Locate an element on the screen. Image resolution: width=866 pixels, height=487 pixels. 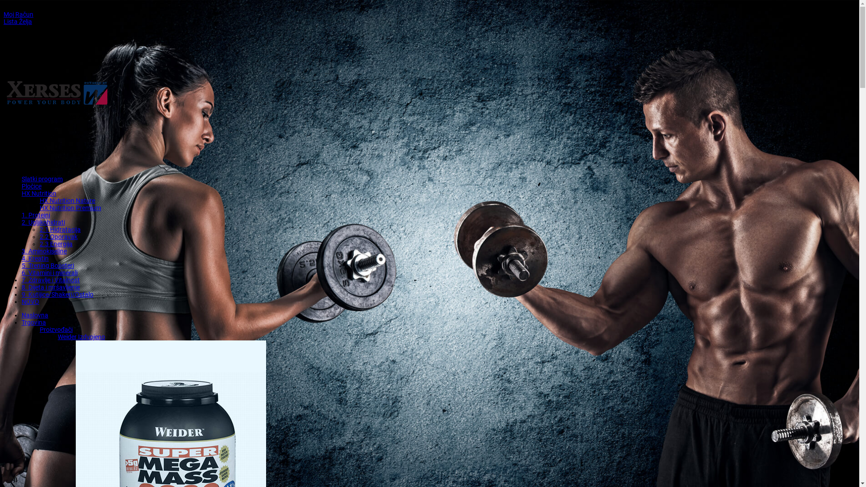
'3. Aminokiseline' is located at coordinates (43, 251).